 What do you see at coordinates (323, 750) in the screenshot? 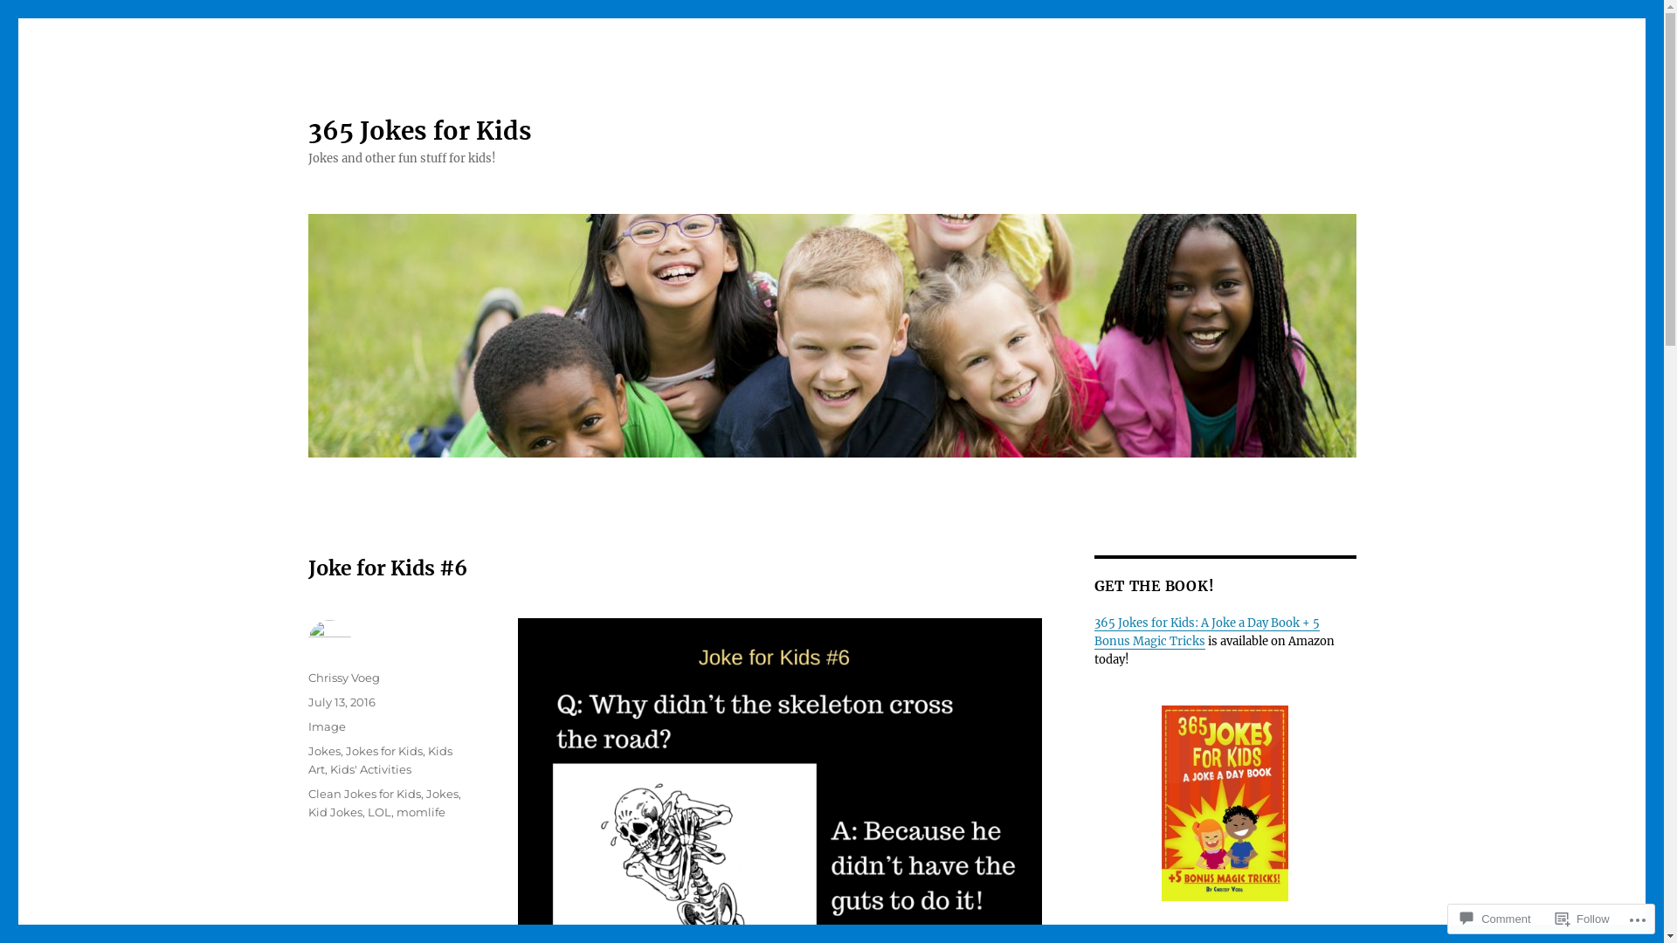
I see `'Jokes'` at bounding box center [323, 750].